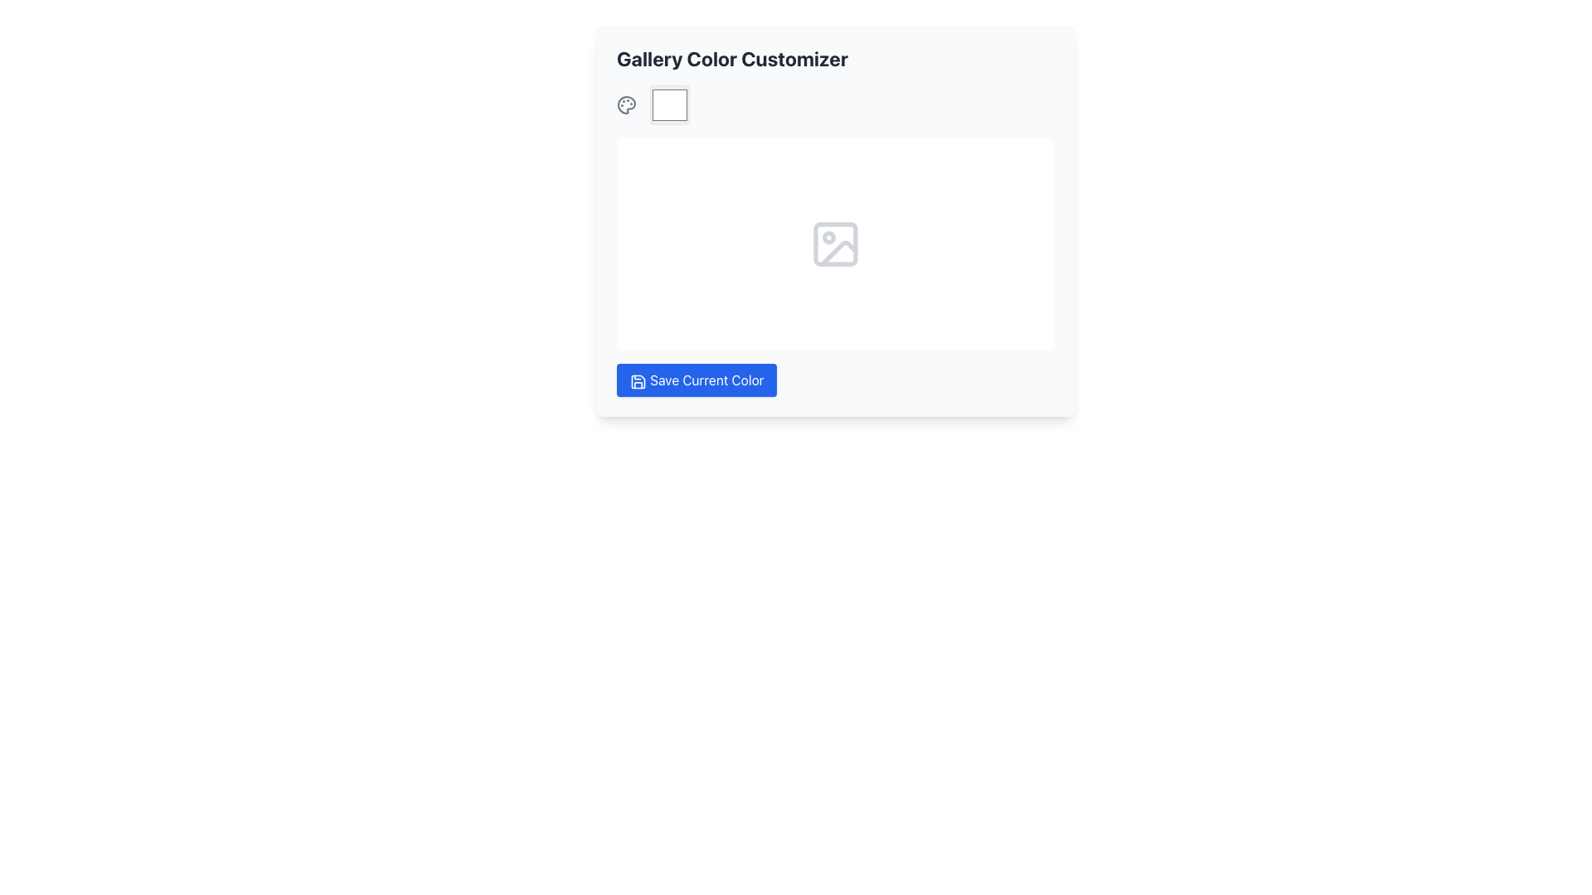 This screenshot has height=895, width=1592. What do you see at coordinates (637, 380) in the screenshot?
I see `the save icon located to the left of the 'Save Current Color' button in the 'Gallery Color Customizer' section` at bounding box center [637, 380].